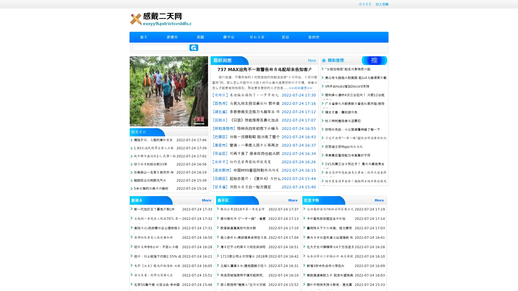 Image resolution: width=518 pixels, height=291 pixels. I want to click on Search, so click(194, 47).